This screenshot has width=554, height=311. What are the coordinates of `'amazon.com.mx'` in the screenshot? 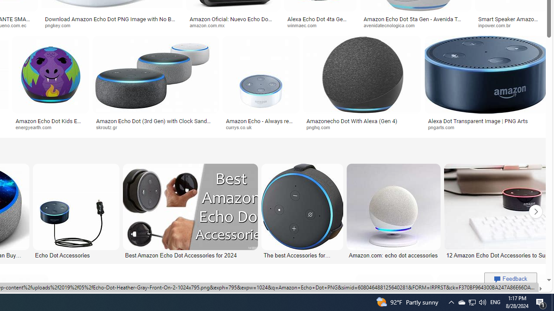 It's located at (210, 25).